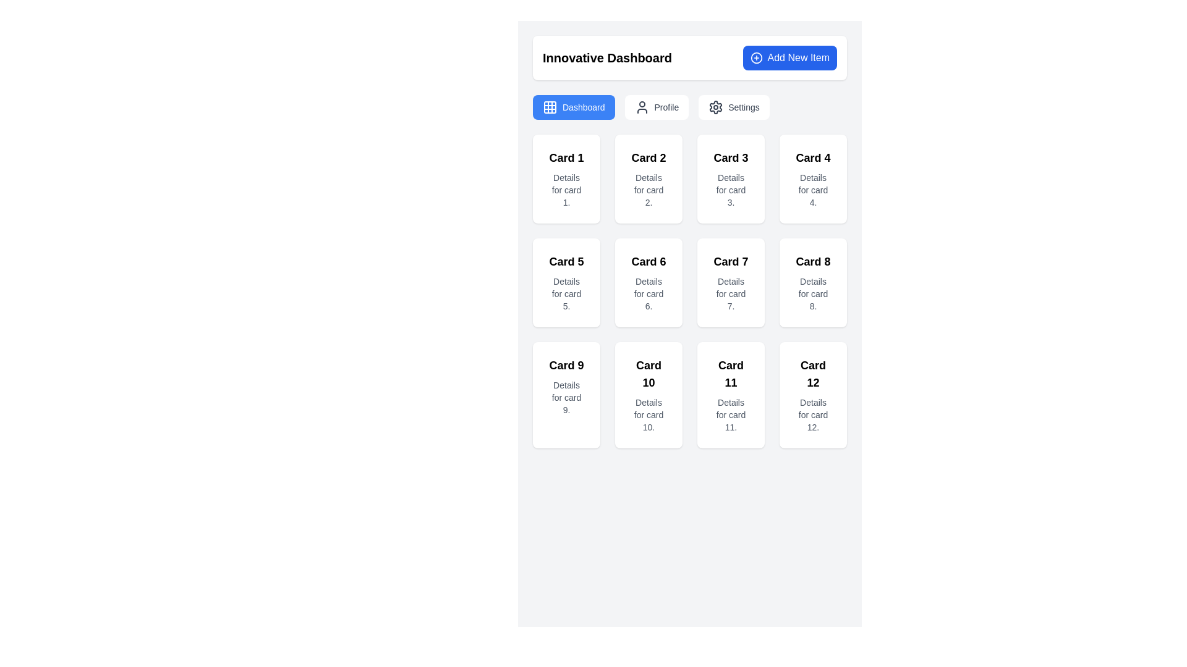  I want to click on the bold text label 'Card 6' located at the upper section of its card in the second row and second column of the grid layout, so click(648, 261).